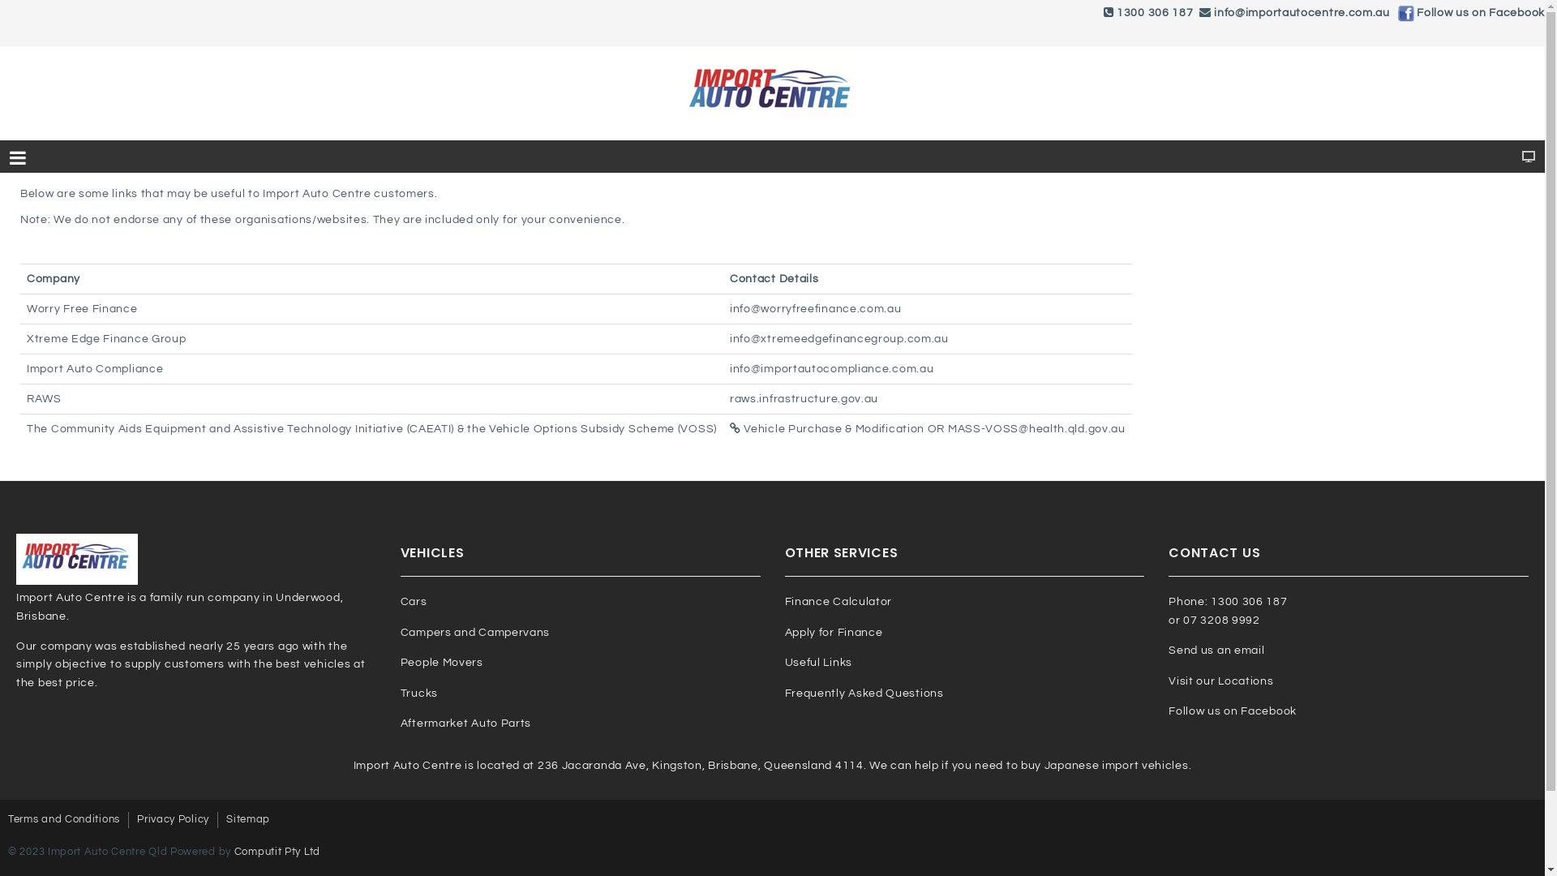 The width and height of the screenshot is (1557, 876). What do you see at coordinates (414, 601) in the screenshot?
I see `'Cars'` at bounding box center [414, 601].